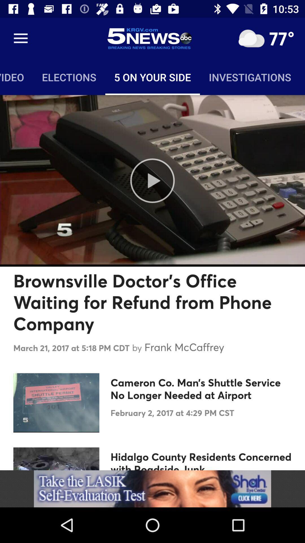  What do you see at coordinates (152, 488) in the screenshot?
I see `banner advertisement` at bounding box center [152, 488].